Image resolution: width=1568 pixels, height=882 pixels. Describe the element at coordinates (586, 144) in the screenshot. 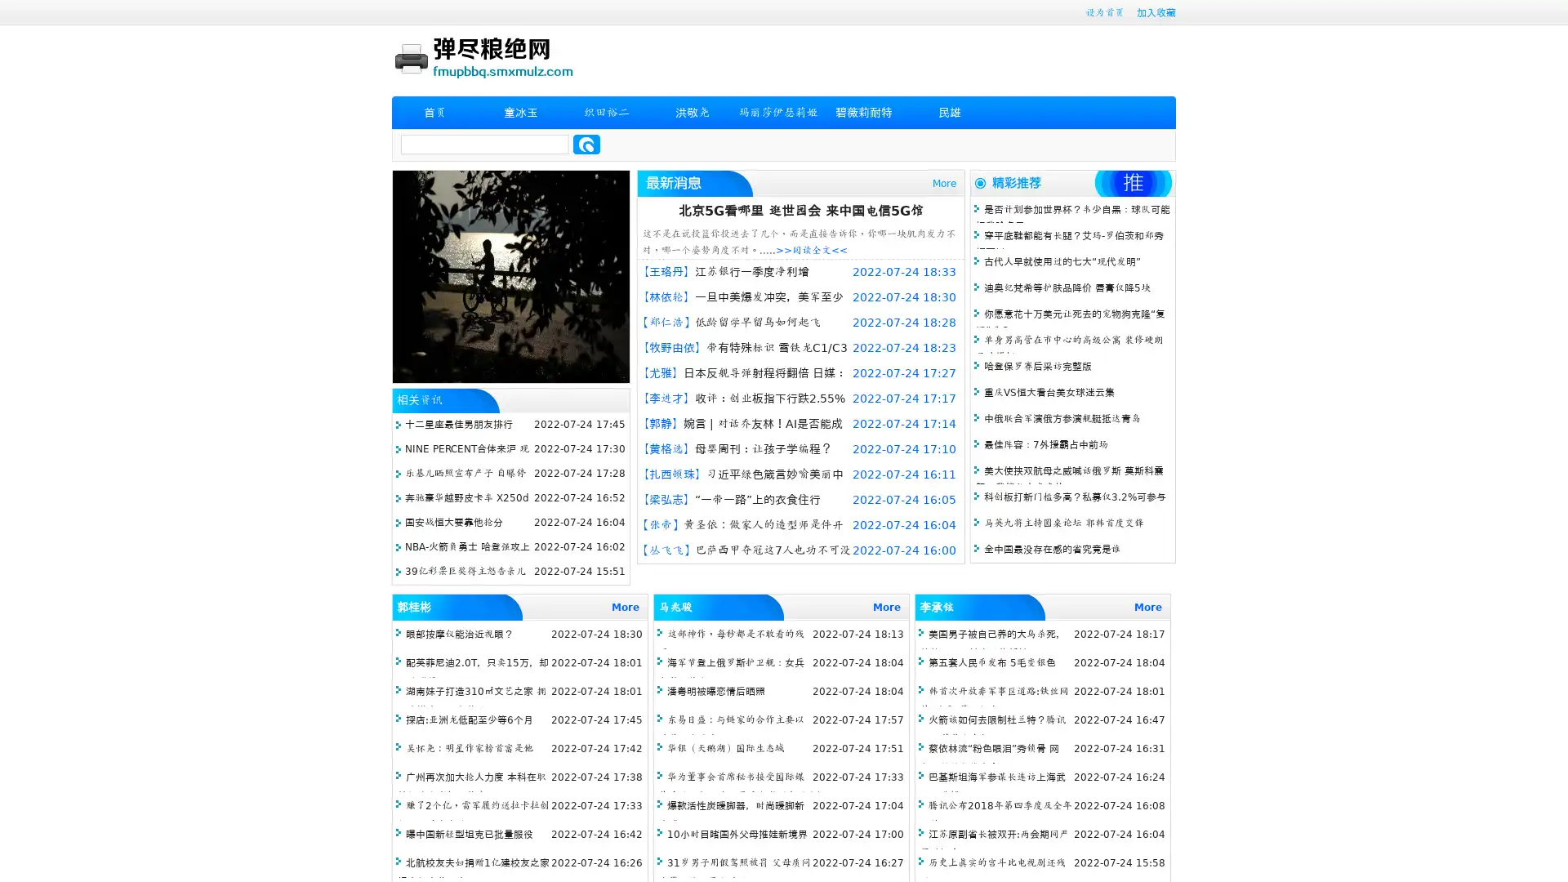

I see `Search` at that location.